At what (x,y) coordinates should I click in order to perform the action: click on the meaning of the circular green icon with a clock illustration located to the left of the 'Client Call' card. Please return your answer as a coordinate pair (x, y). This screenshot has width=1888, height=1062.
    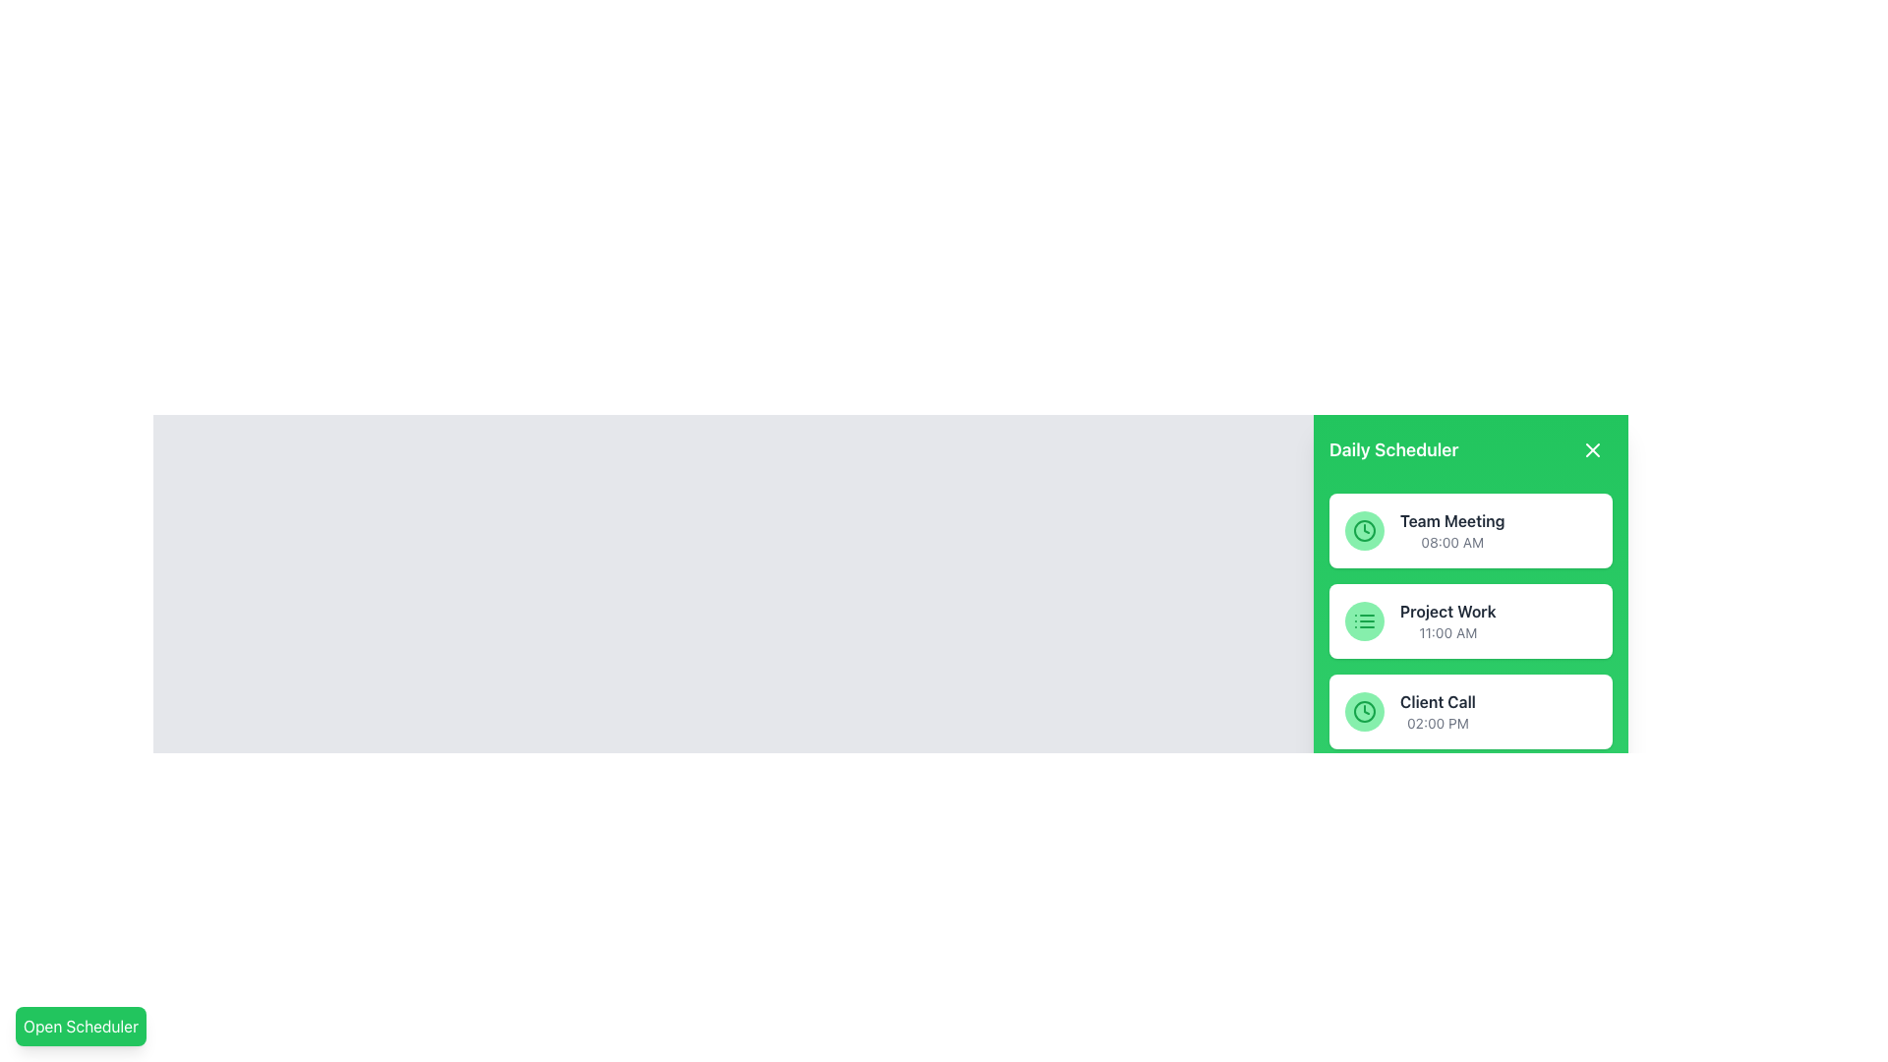
    Looking at the image, I should click on (1363, 712).